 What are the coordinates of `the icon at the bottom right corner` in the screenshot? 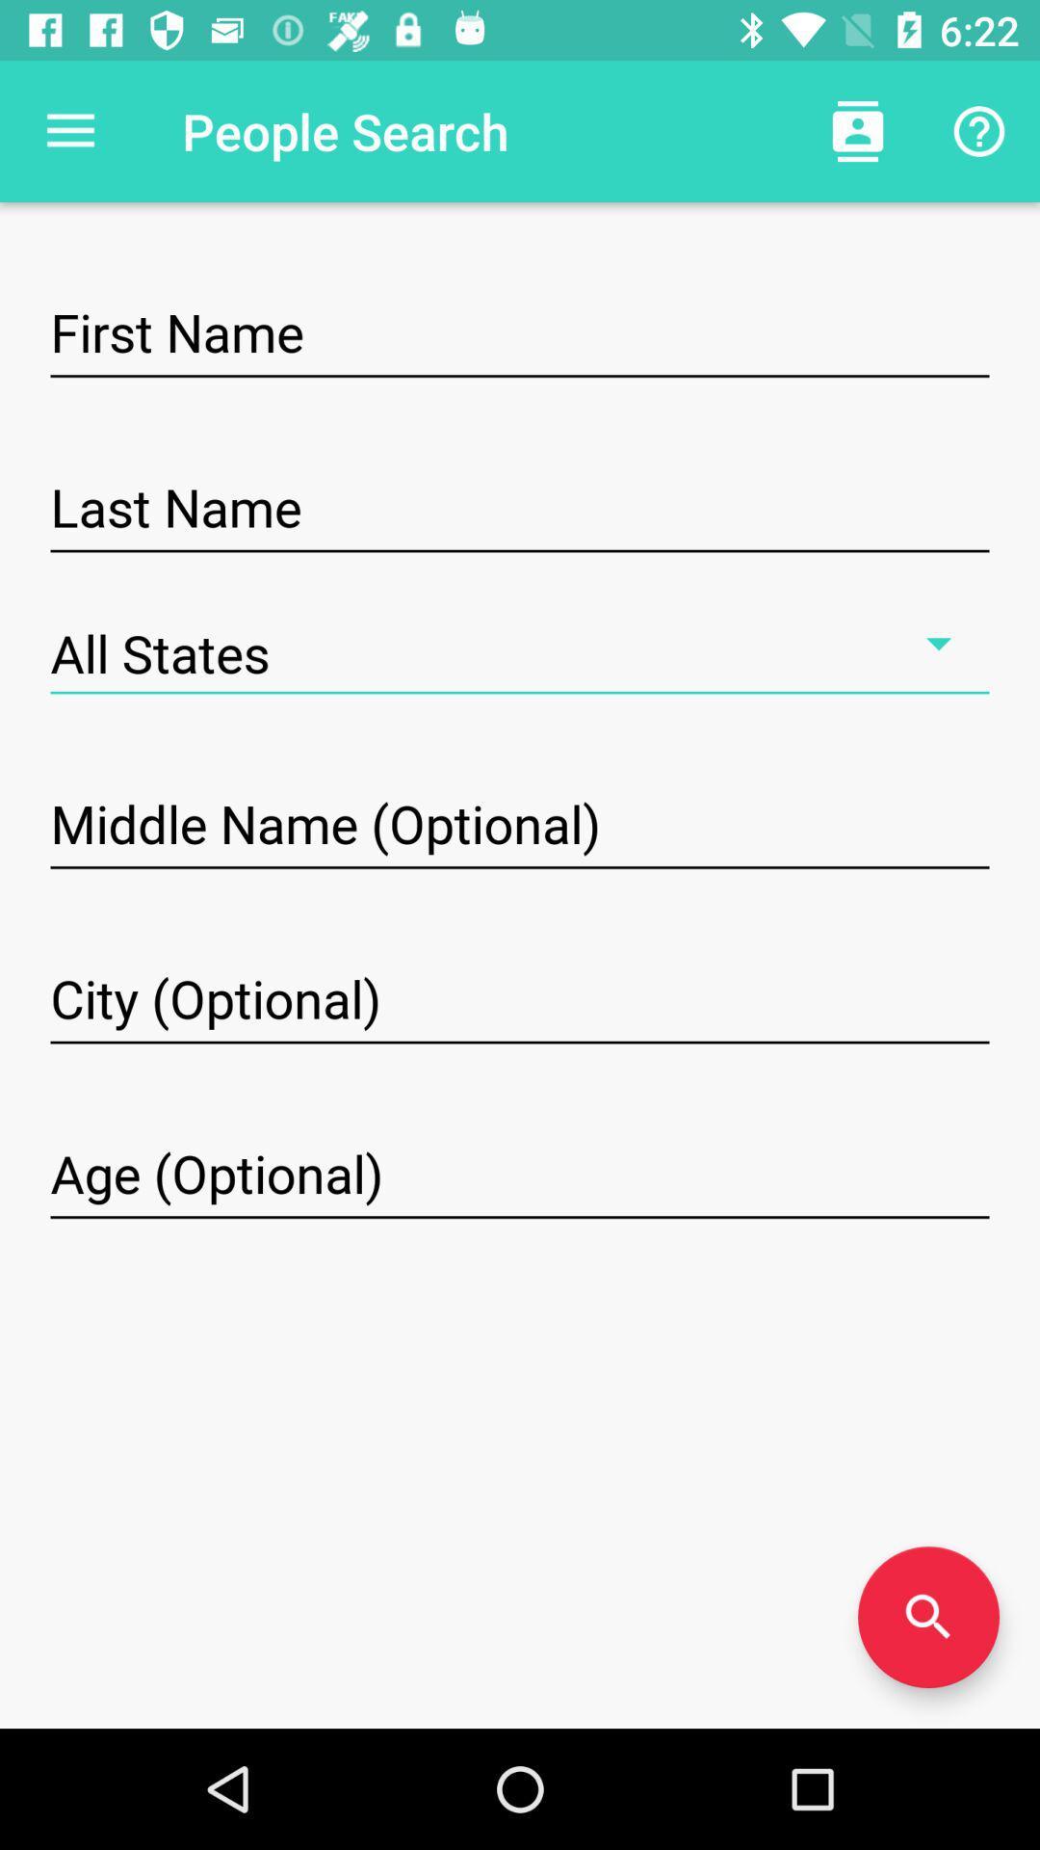 It's located at (927, 1617).